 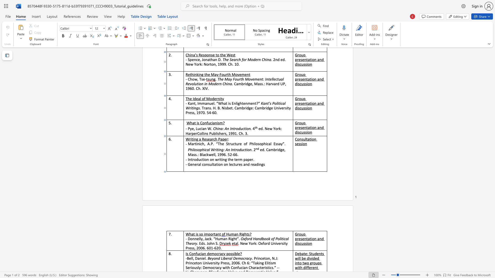 I want to click on the 3th character "t" in the text, so click(x=220, y=234).